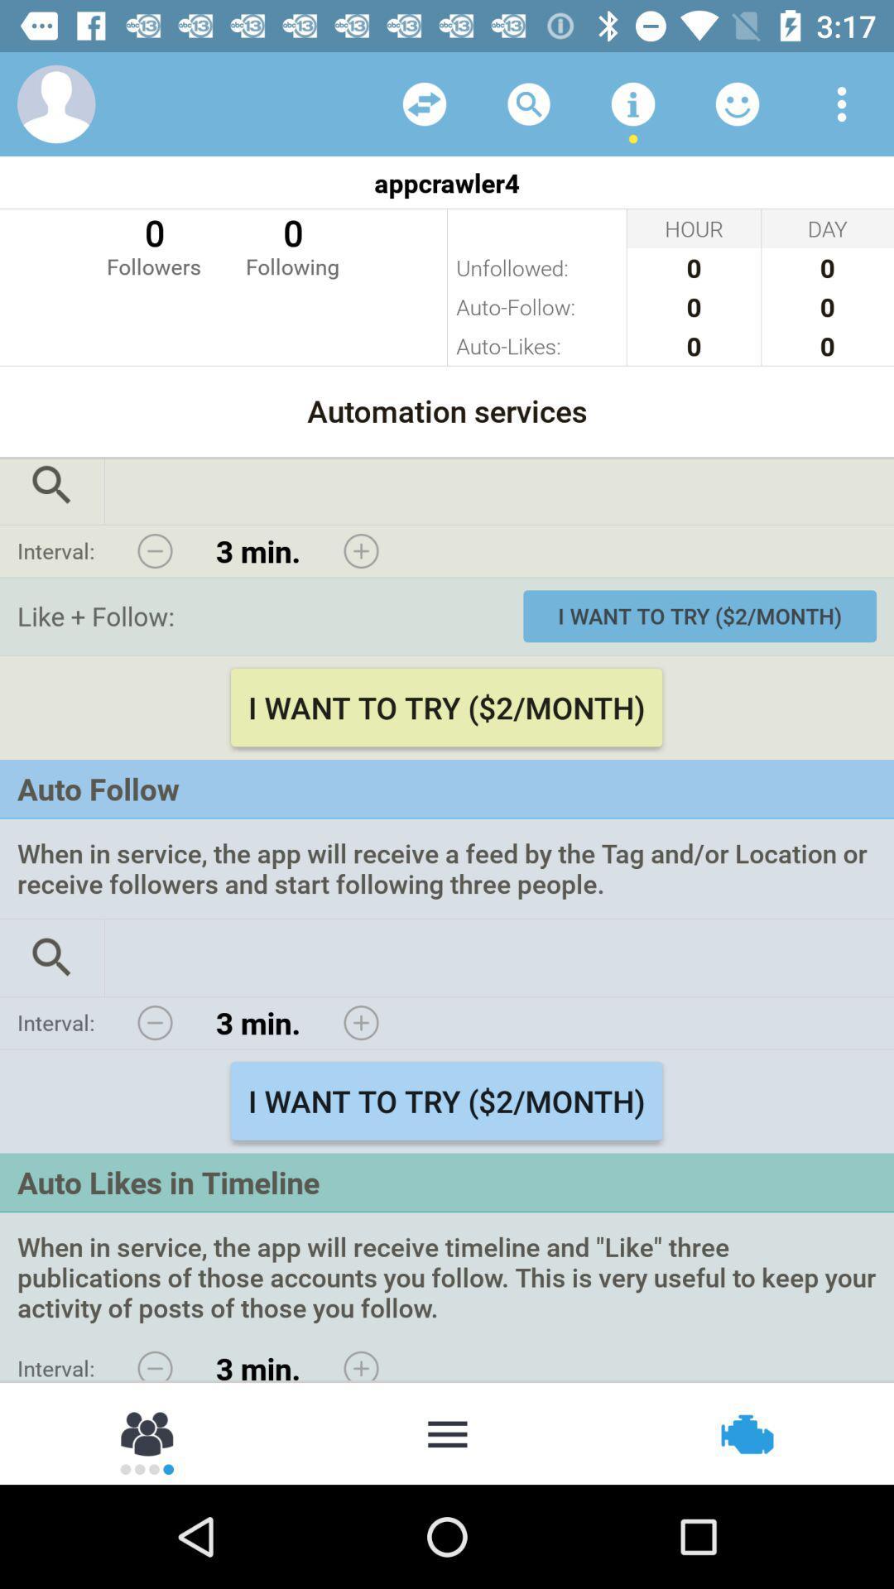 The height and width of the screenshot is (1589, 894). What do you see at coordinates (55, 103) in the screenshot?
I see `item above the appcrawler4 item` at bounding box center [55, 103].